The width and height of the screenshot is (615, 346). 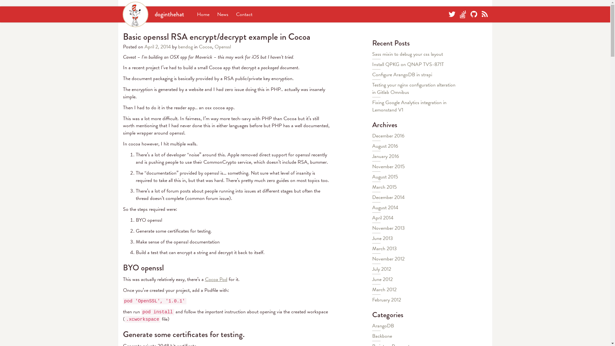 I want to click on 'June 2013', so click(x=382, y=238).